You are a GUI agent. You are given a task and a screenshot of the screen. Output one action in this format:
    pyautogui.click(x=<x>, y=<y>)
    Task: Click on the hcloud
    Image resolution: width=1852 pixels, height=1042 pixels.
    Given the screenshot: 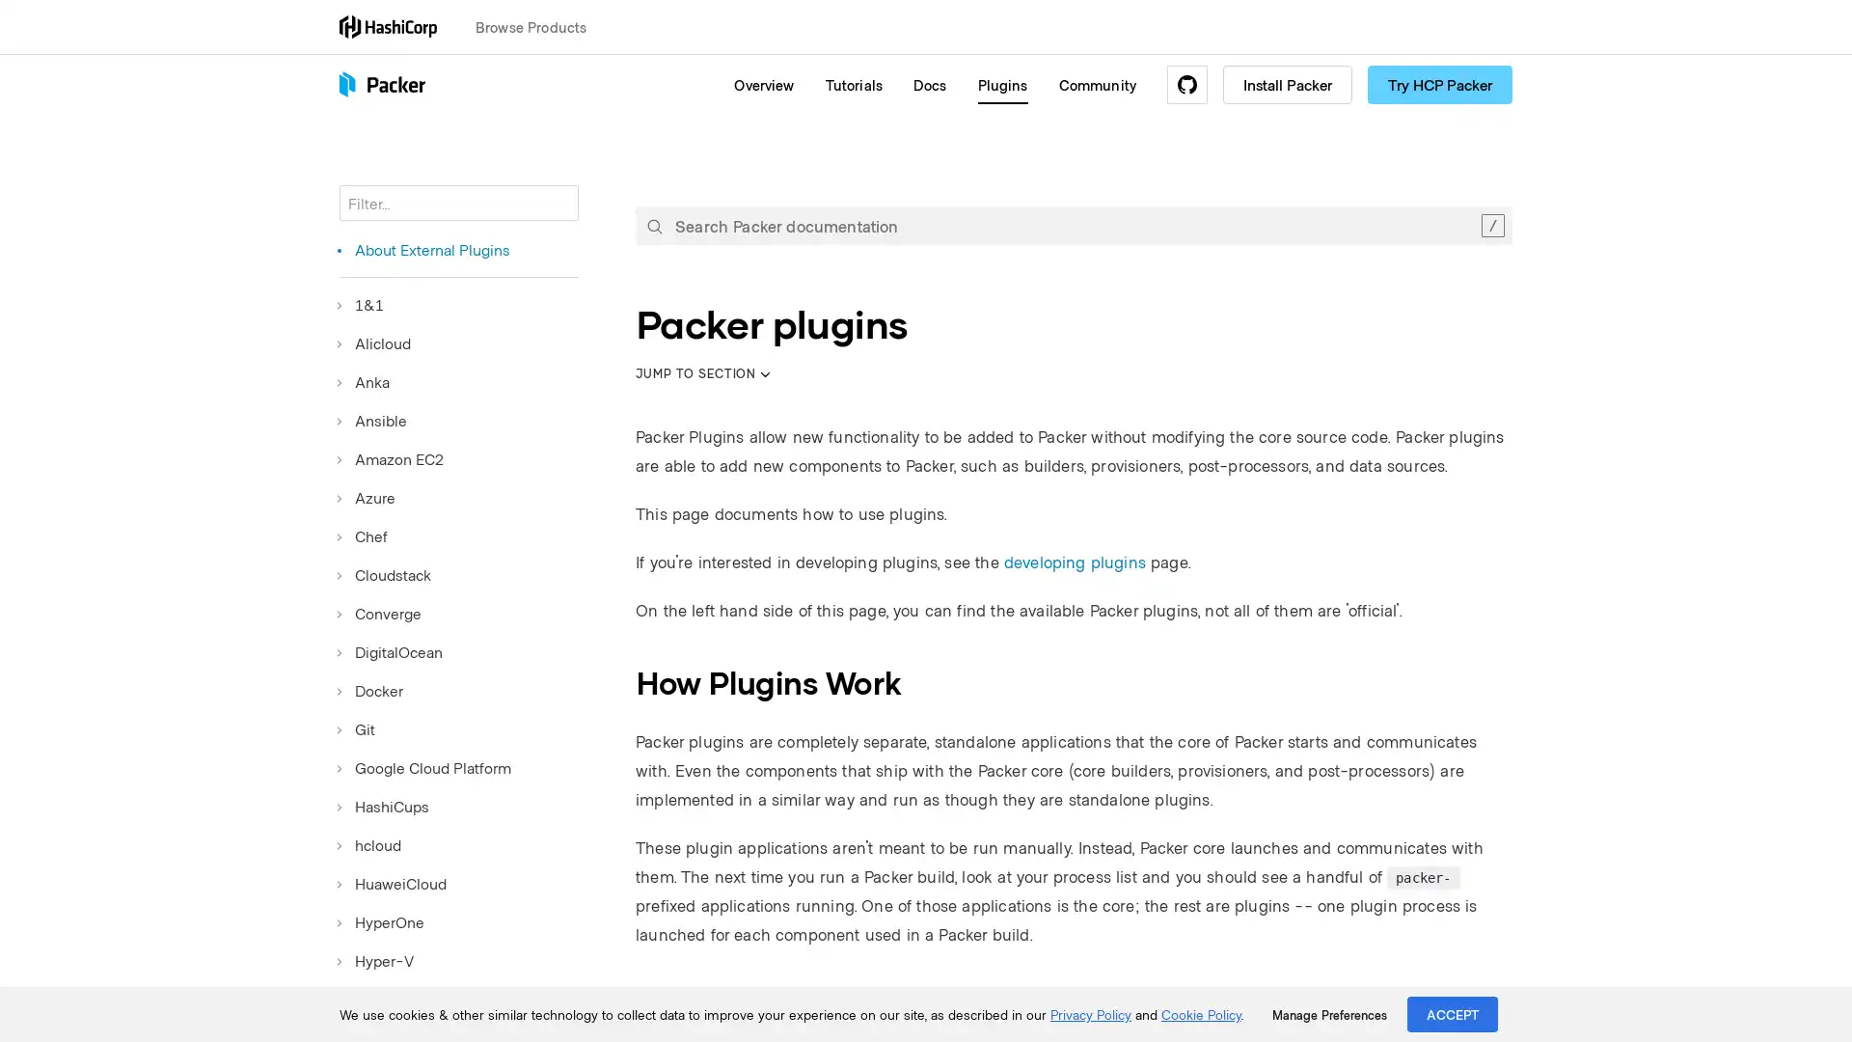 What is the action you would take?
    pyautogui.click(x=370, y=843)
    